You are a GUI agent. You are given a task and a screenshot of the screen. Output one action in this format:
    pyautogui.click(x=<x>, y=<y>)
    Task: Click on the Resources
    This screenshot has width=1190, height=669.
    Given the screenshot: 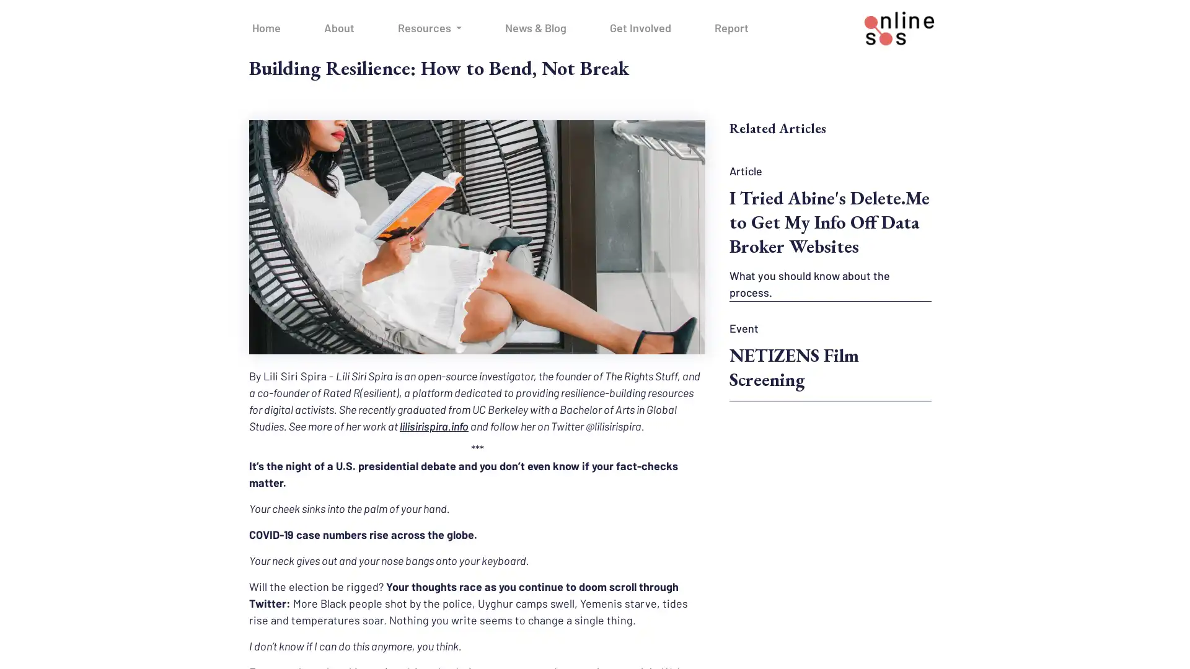 What is the action you would take?
    pyautogui.click(x=429, y=27)
    